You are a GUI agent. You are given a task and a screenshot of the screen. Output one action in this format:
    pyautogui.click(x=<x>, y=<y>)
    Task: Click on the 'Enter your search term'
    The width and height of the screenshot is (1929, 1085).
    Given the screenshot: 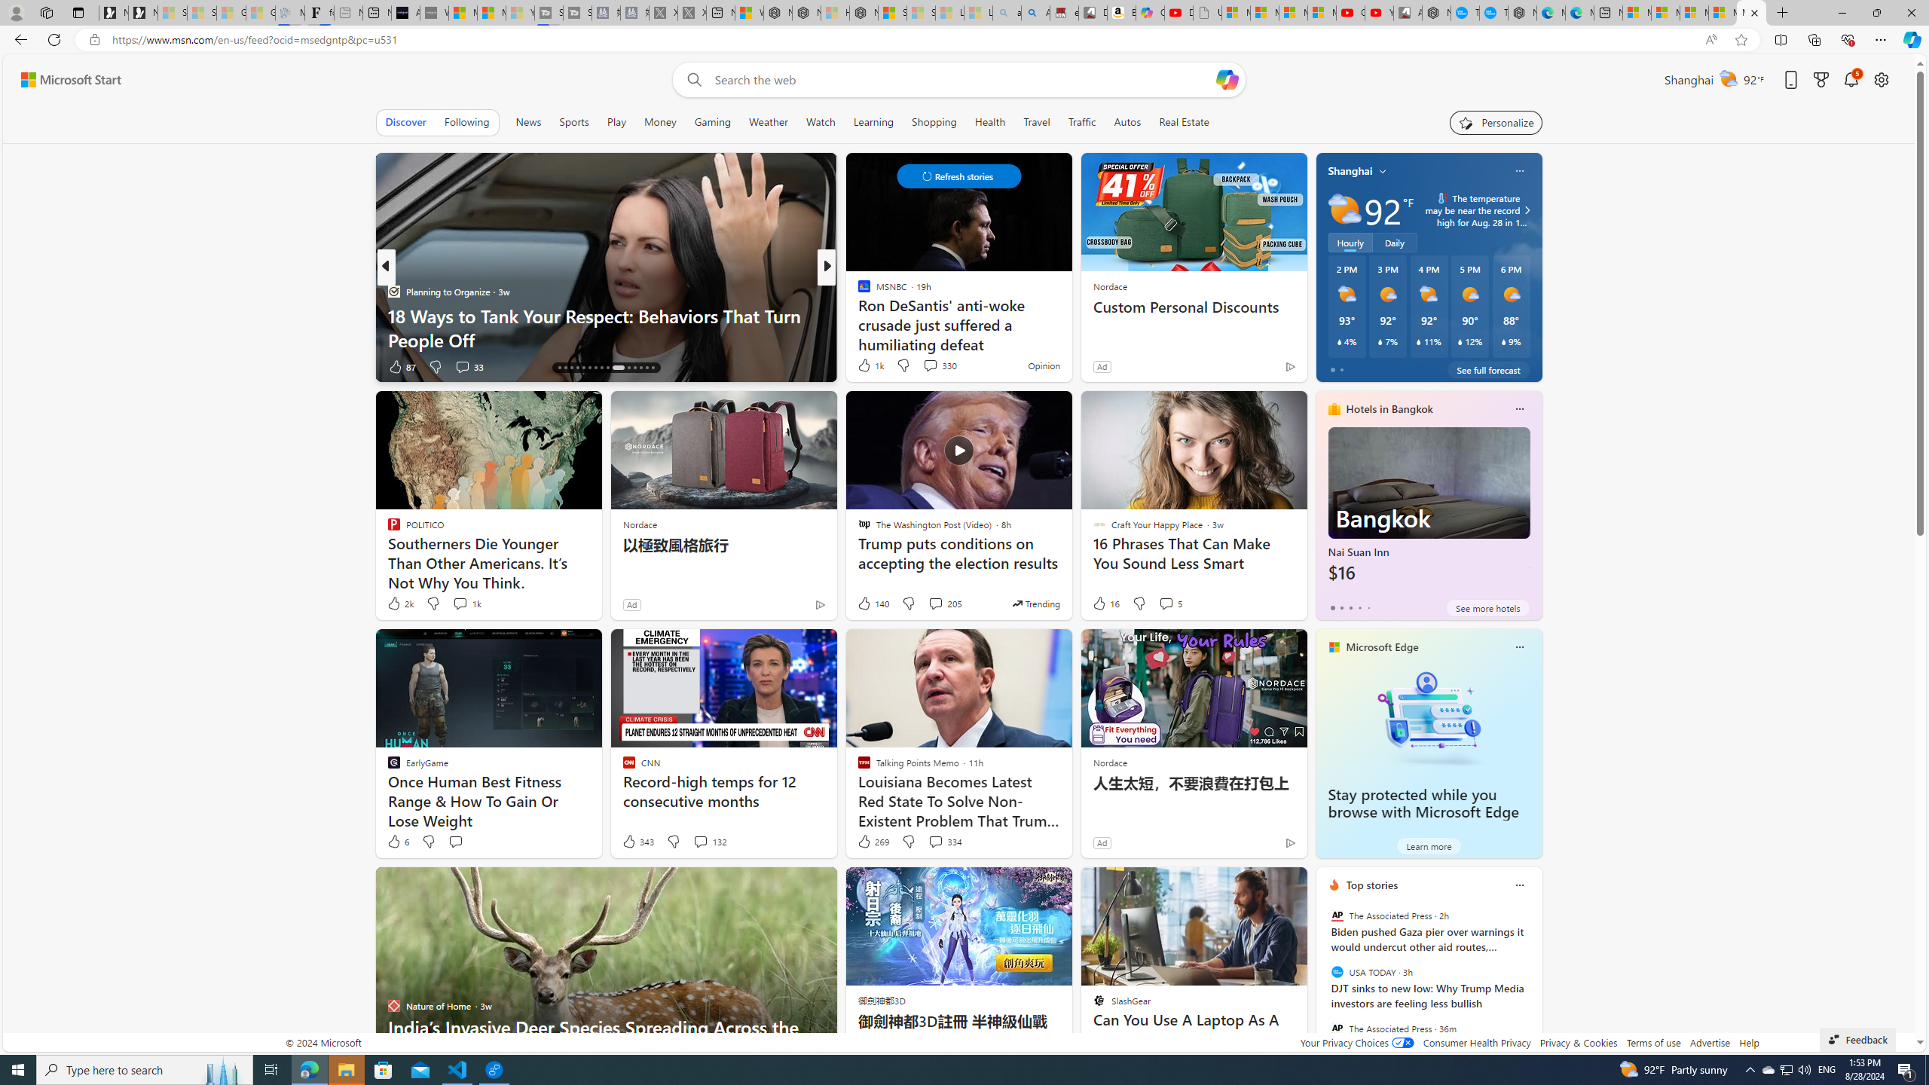 What is the action you would take?
    pyautogui.click(x=961, y=78)
    